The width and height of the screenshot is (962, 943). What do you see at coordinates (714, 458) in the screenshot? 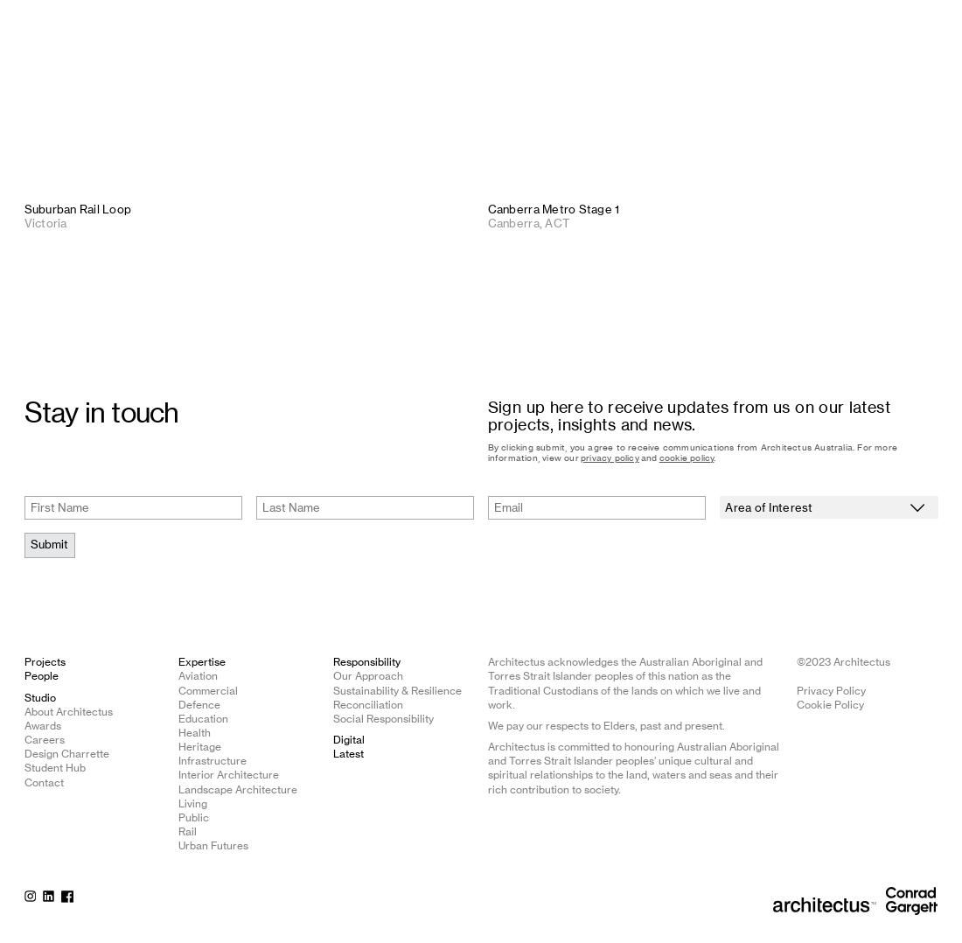
I see `'.'` at bounding box center [714, 458].